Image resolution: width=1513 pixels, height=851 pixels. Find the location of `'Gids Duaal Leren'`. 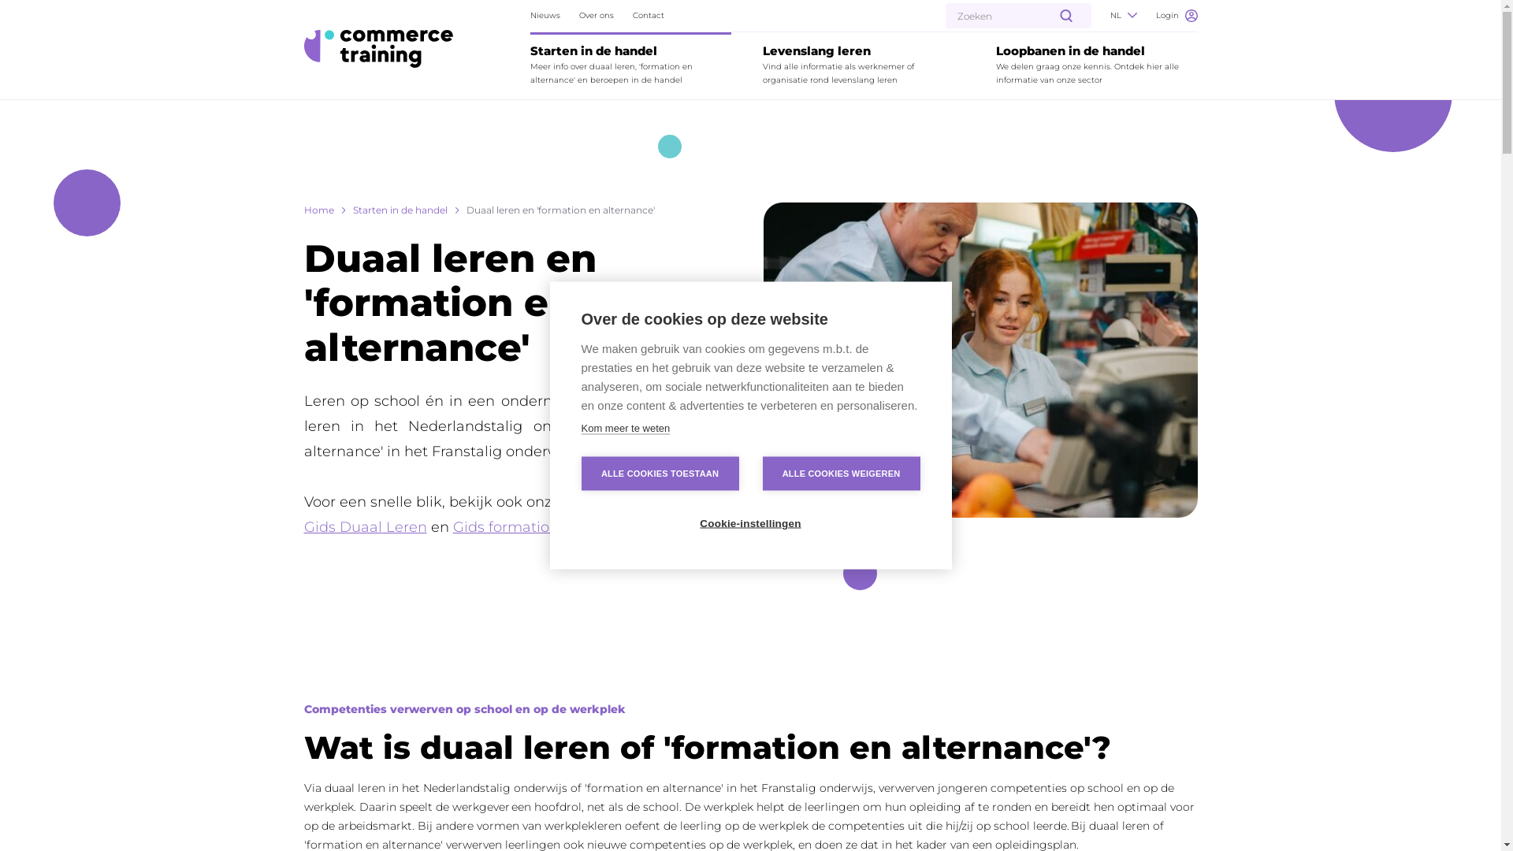

'Gids Duaal Leren' is located at coordinates (365, 526).